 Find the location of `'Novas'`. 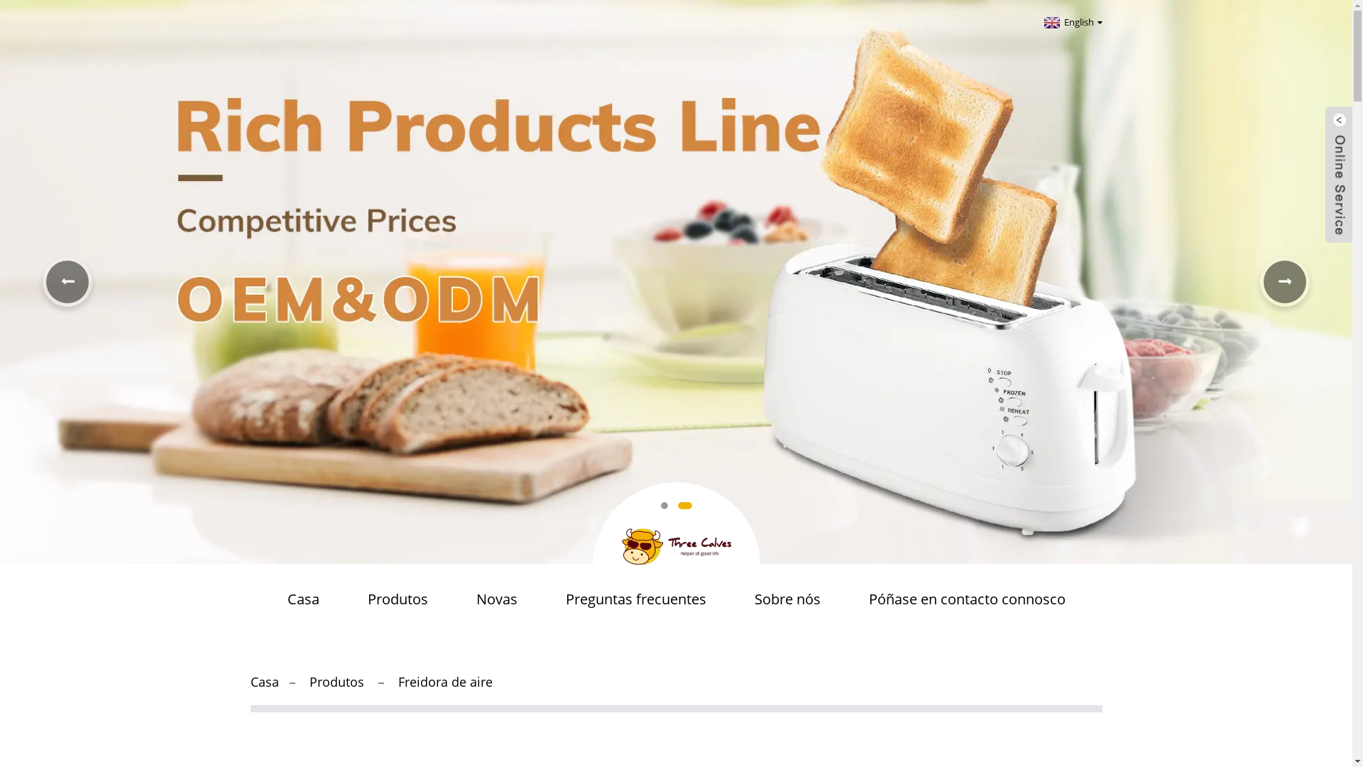

'Novas' is located at coordinates (496, 599).